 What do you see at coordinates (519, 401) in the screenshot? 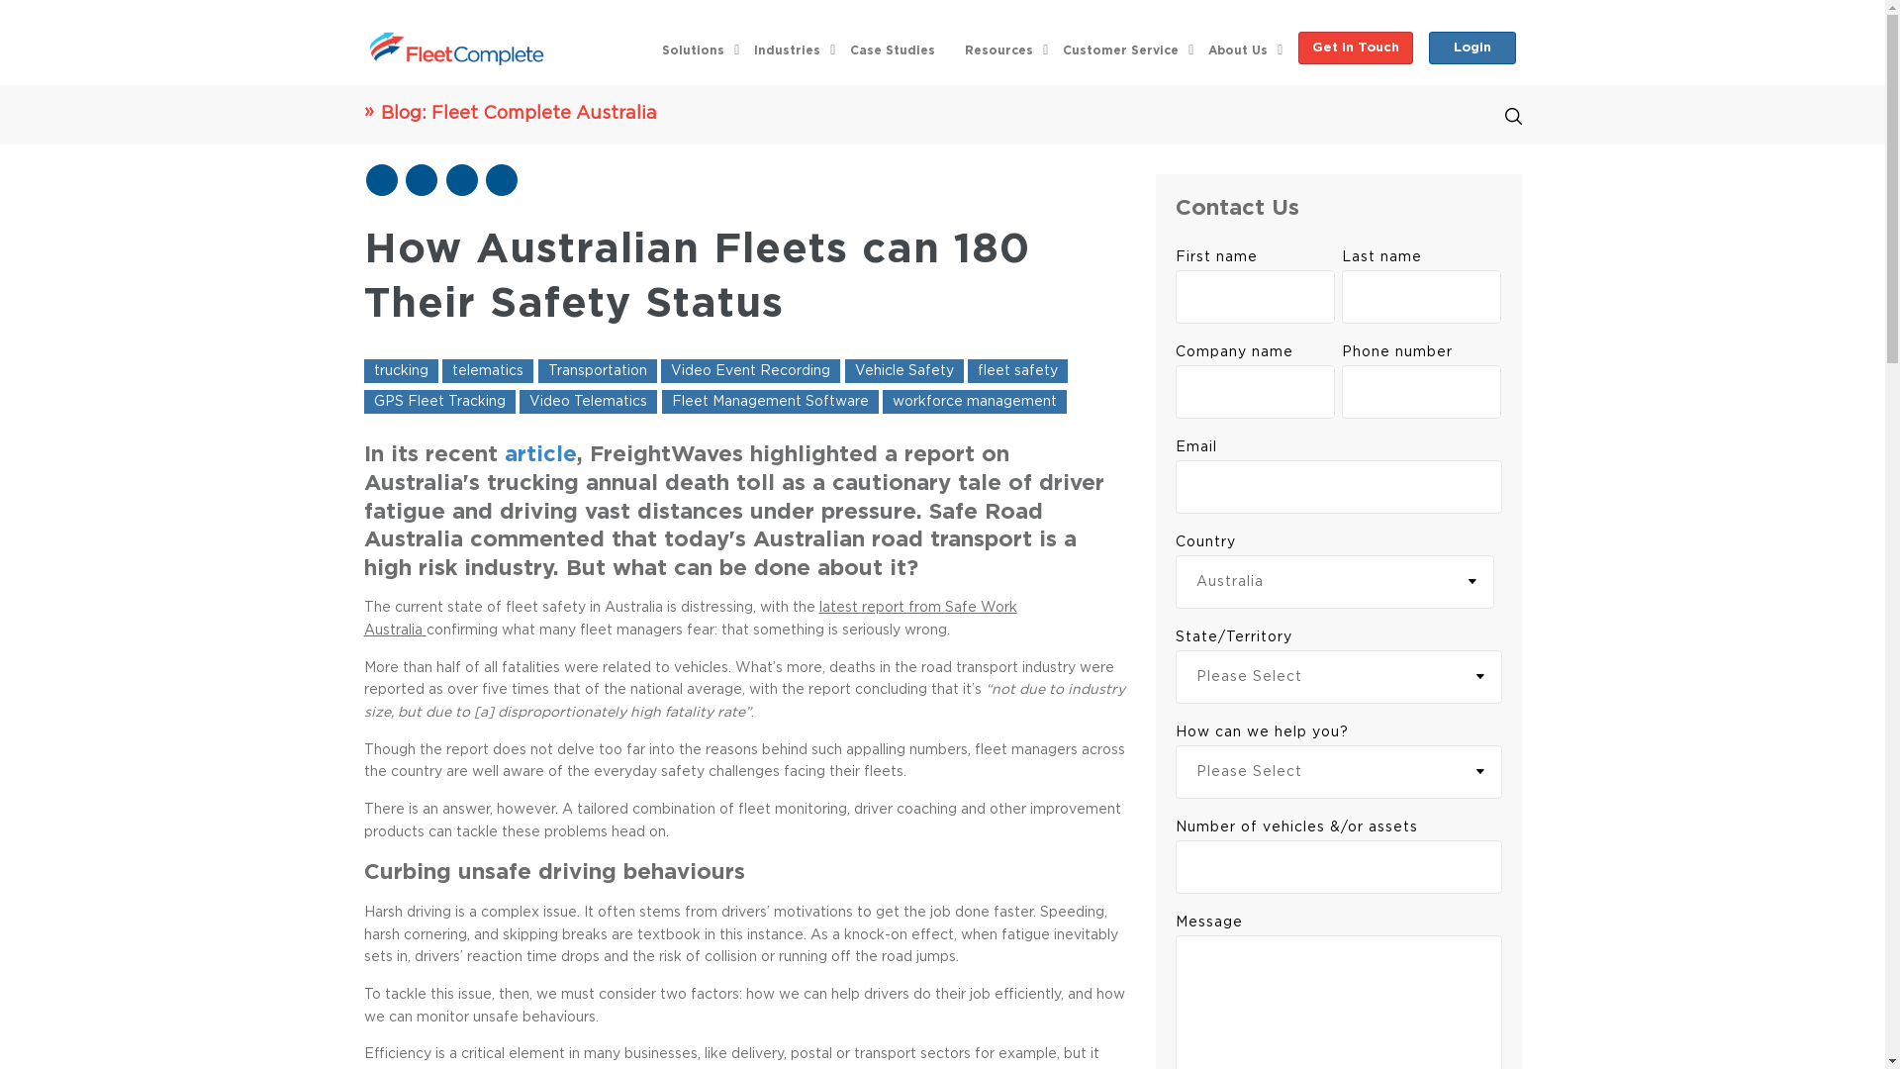
I see `'Video Telematics'` at bounding box center [519, 401].